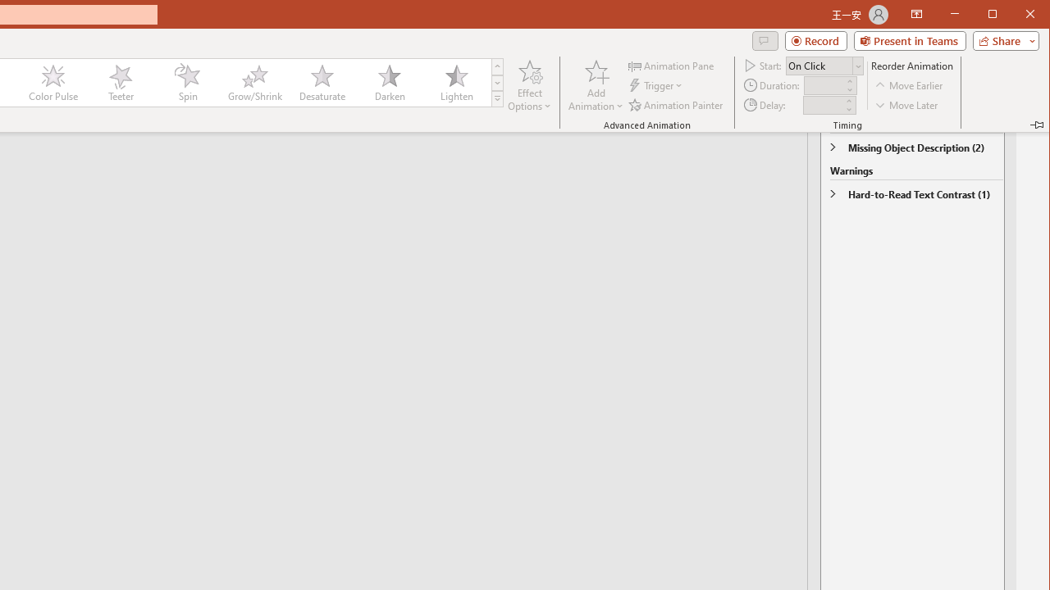  Describe the element at coordinates (1016, 16) in the screenshot. I see `'Maximize'` at that location.